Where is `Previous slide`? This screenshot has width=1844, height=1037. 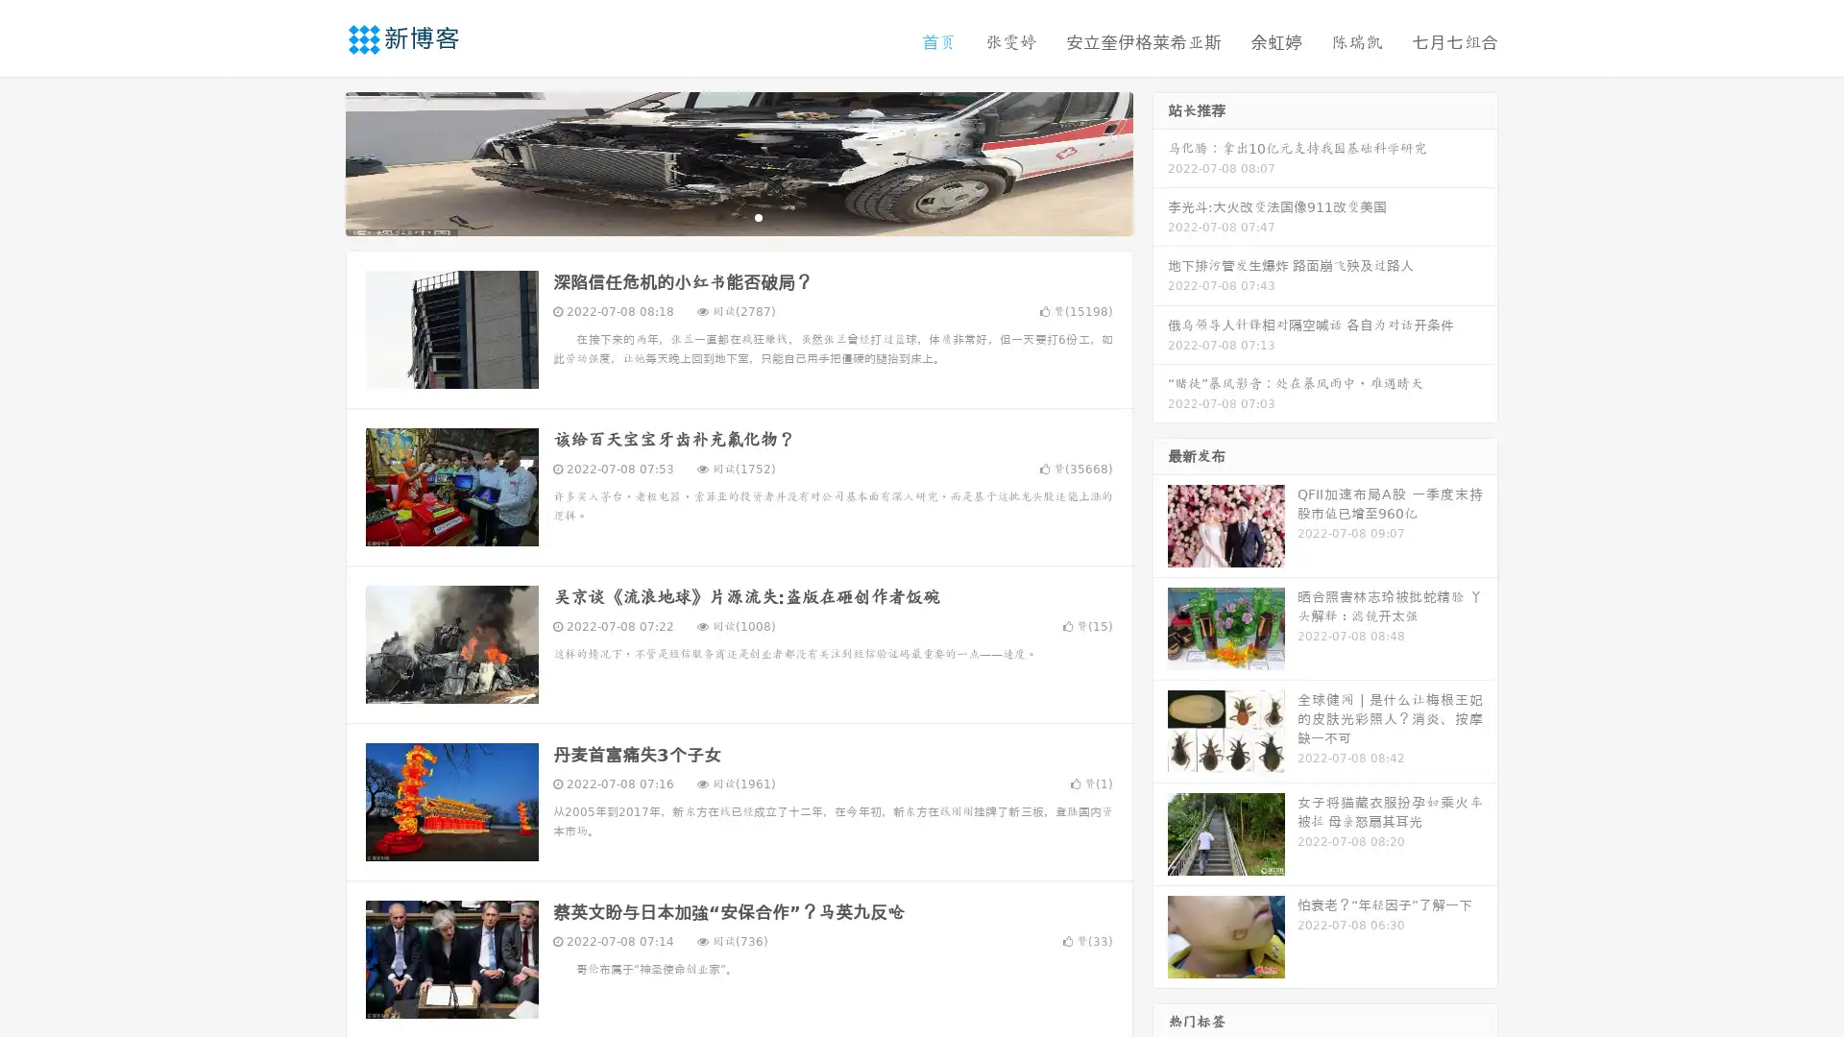
Previous slide is located at coordinates (317, 161).